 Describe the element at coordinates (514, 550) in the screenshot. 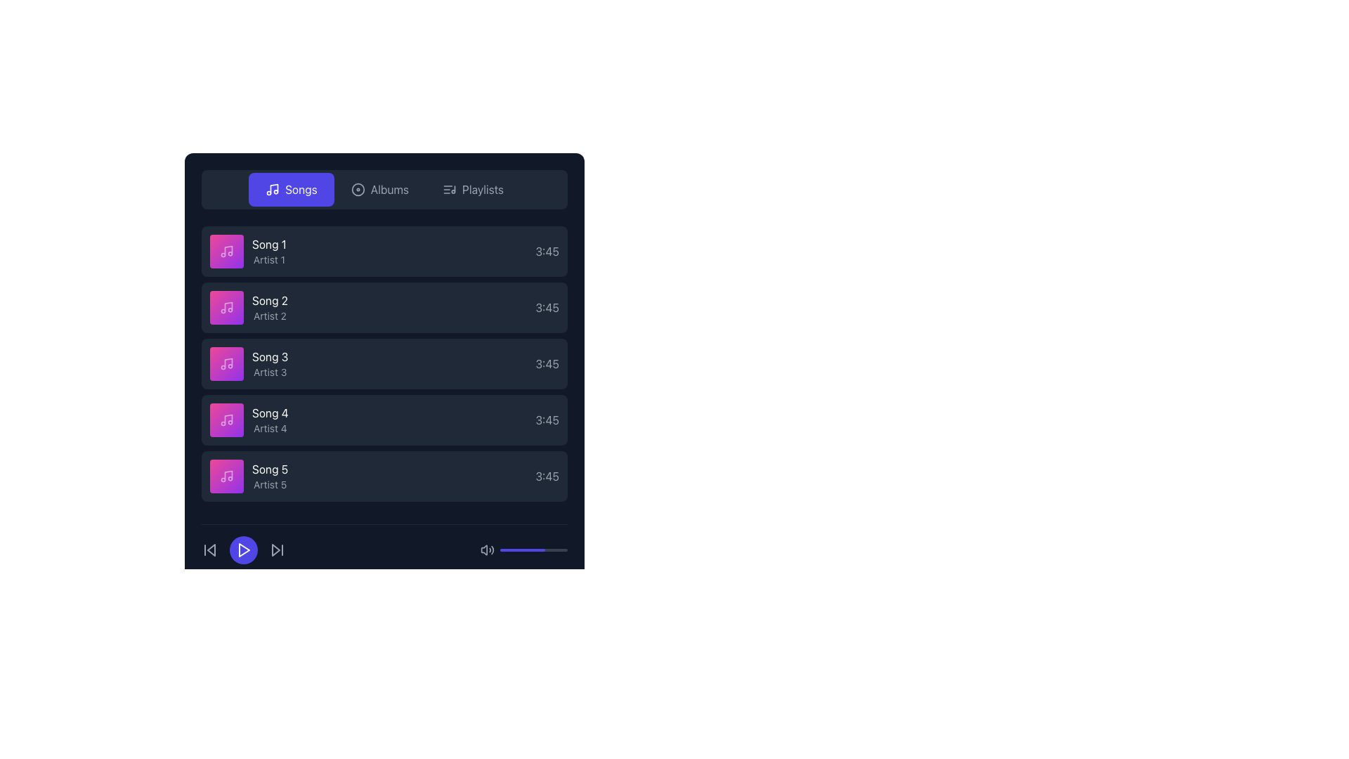

I see `the volume slider` at that location.